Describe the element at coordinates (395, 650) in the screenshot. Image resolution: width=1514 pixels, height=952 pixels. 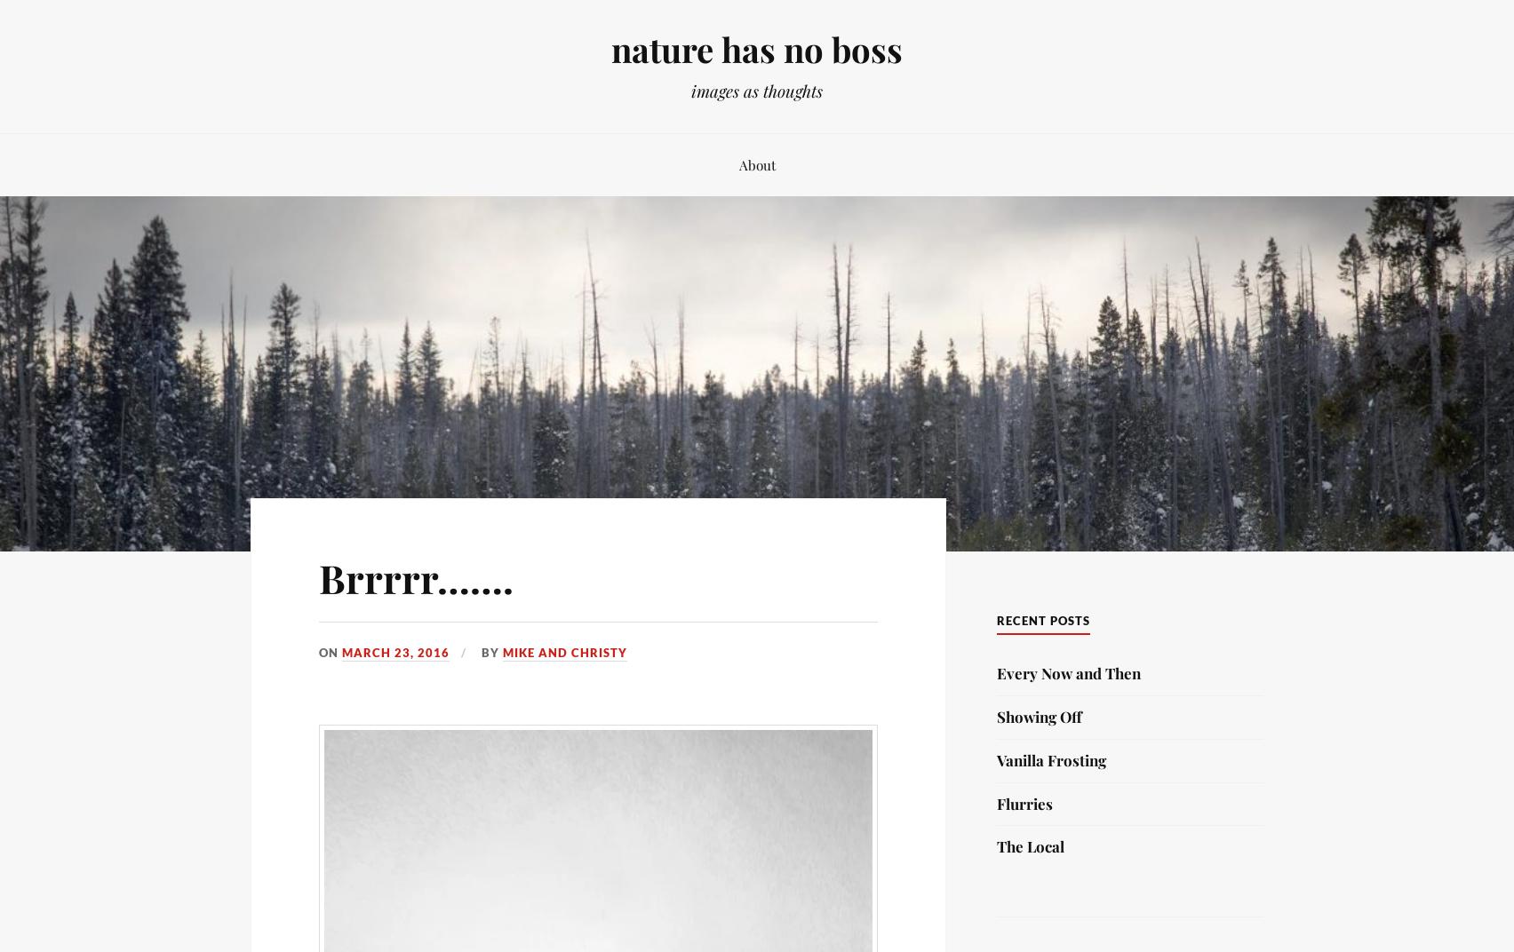
I see `'March 23, 2016'` at that location.